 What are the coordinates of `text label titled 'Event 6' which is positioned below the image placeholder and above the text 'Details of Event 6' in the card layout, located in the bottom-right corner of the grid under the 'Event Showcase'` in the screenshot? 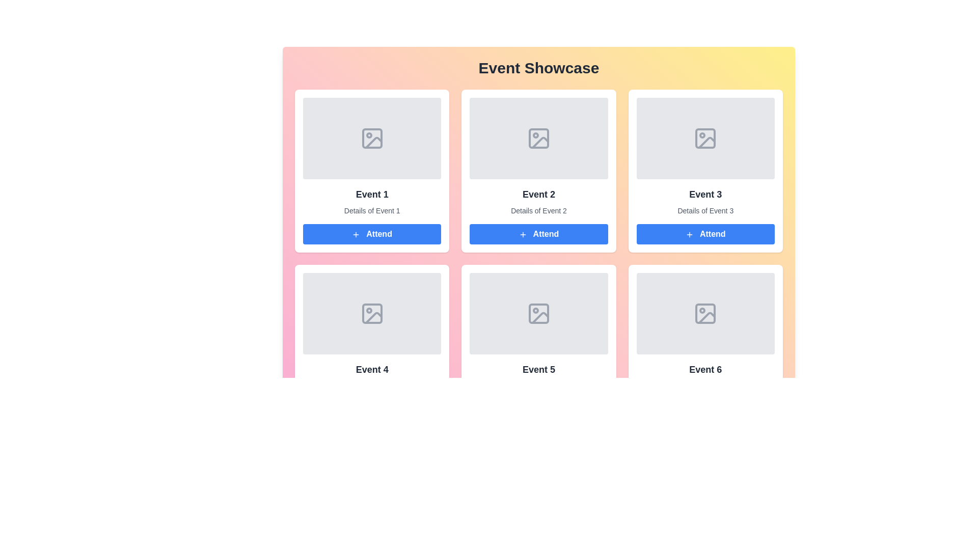 It's located at (705, 369).